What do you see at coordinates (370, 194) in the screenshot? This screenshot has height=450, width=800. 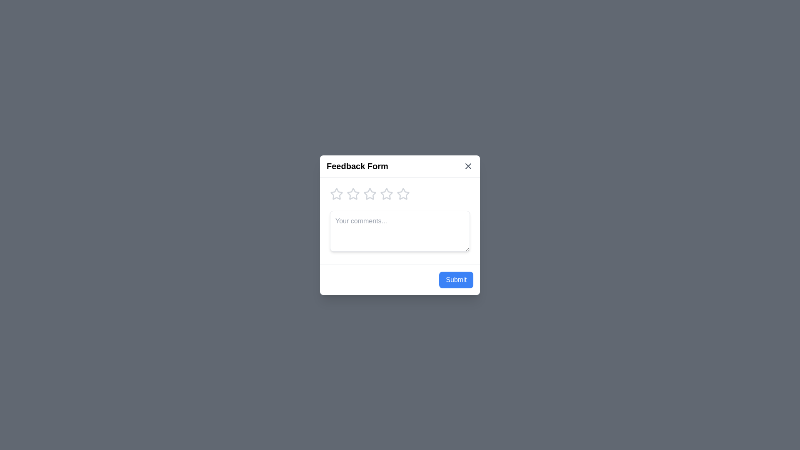 I see `the star corresponding to the desired rating of 3` at bounding box center [370, 194].